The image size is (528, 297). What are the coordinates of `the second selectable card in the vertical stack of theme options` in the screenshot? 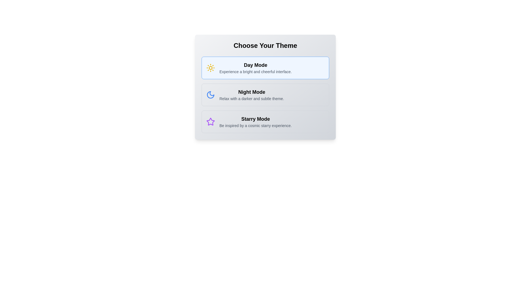 It's located at (265, 94).